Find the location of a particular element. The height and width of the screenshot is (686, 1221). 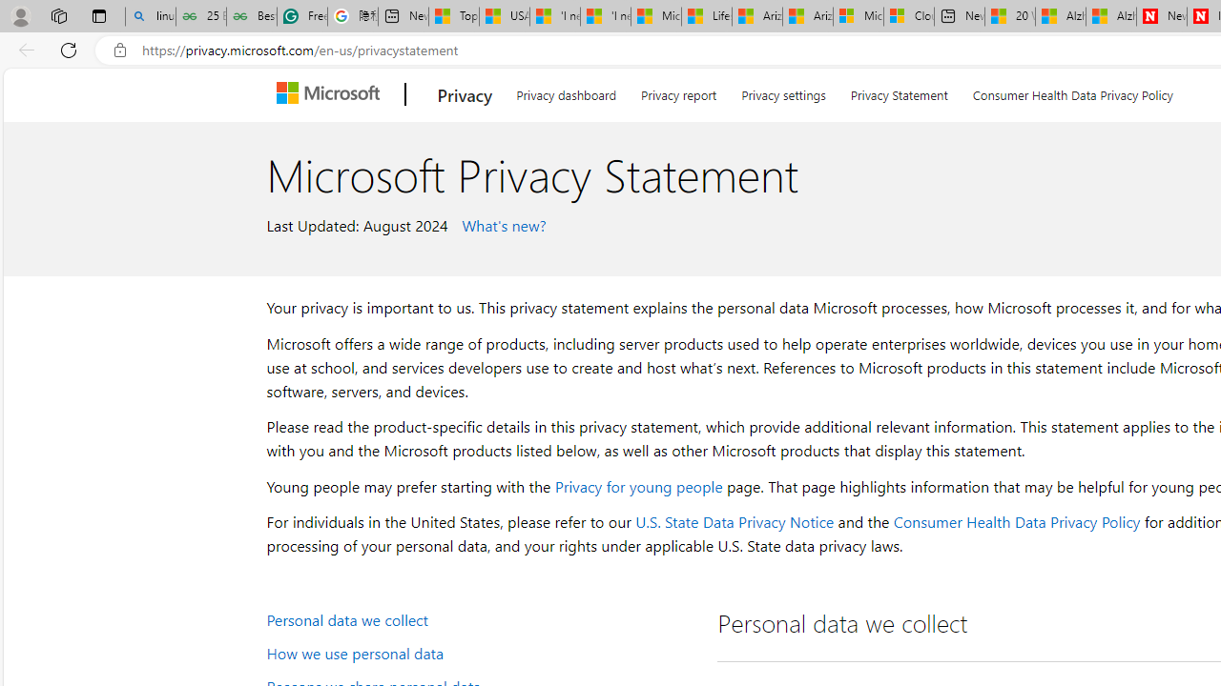

'Free AI Writing Assistance for Students | Grammarly' is located at coordinates (300, 16).